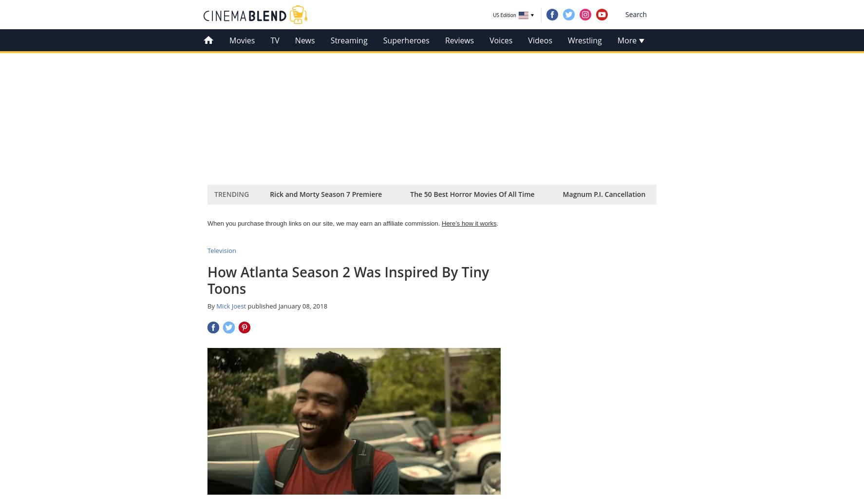 This screenshot has width=864, height=501. Describe the element at coordinates (324, 223) in the screenshot. I see `'When you purchase through links on our site, we may earn an affiliate commission.'` at that location.